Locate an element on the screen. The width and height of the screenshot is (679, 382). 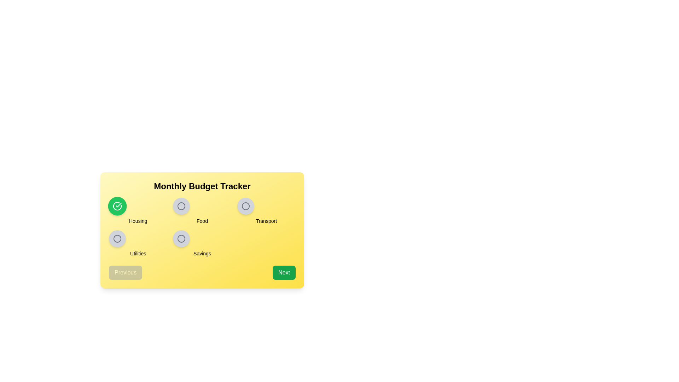
the custom-styled radio button located in the 'Utilities' section of the 'Monthly Budget Tracker', which is below the 'Housing' icon is located at coordinates (117, 239).